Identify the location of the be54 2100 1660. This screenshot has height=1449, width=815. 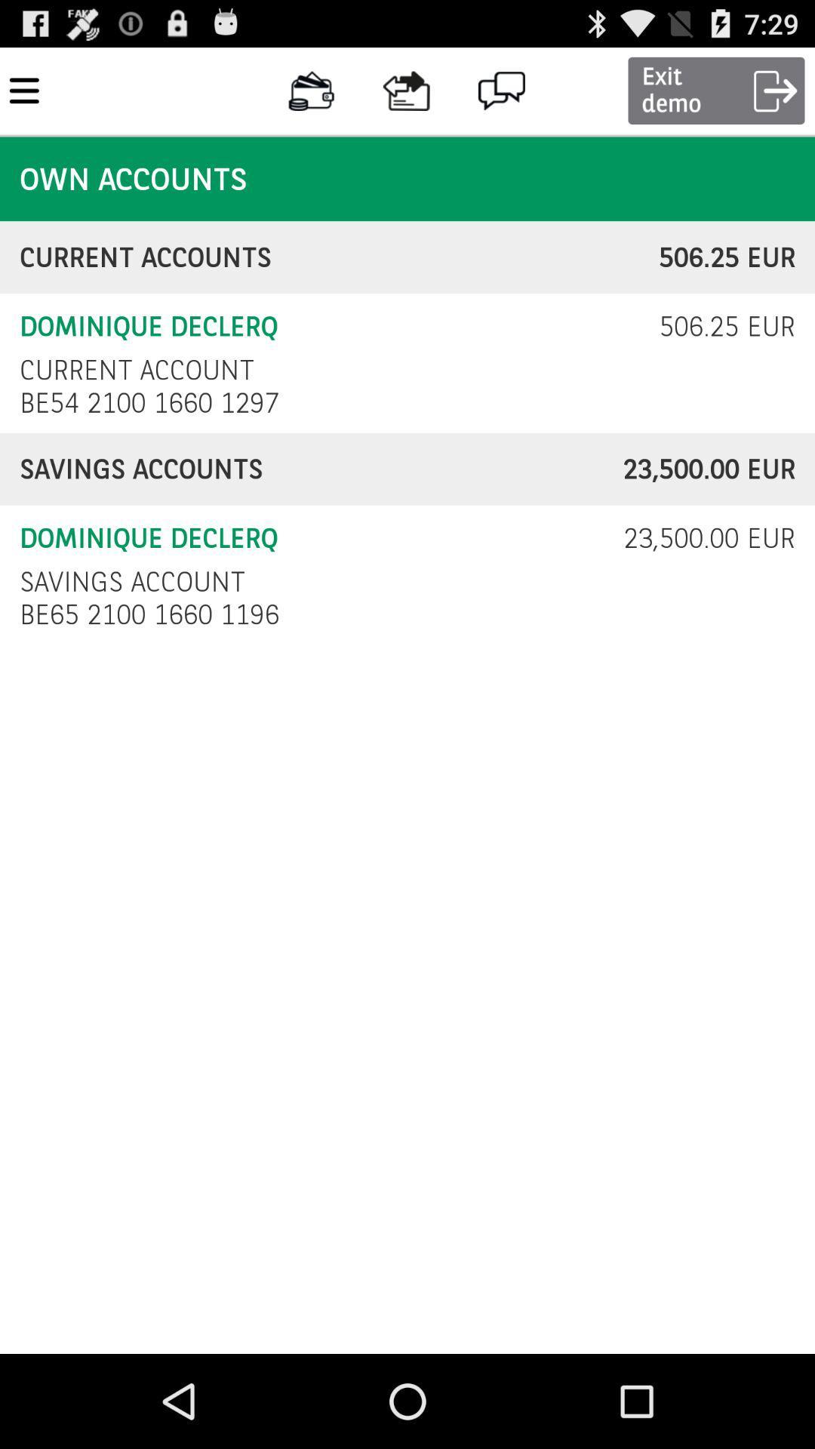
(153, 402).